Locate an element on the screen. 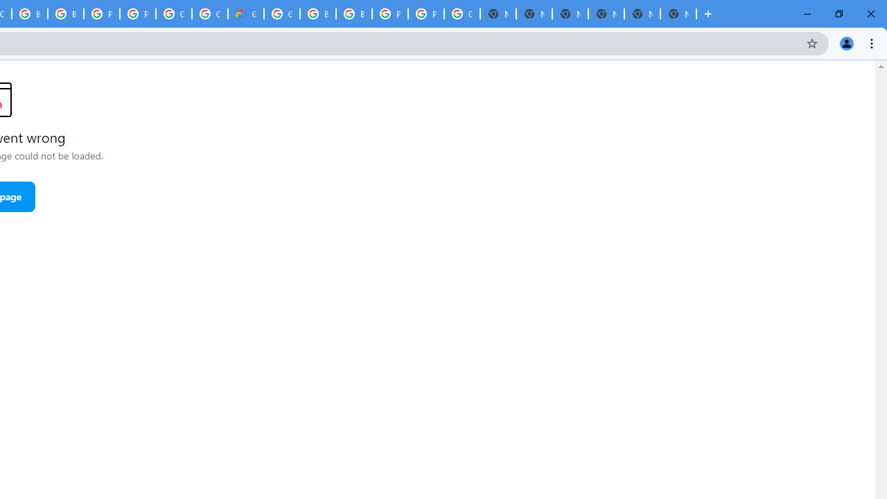  'Google Cloud Platform' is located at coordinates (209, 14).